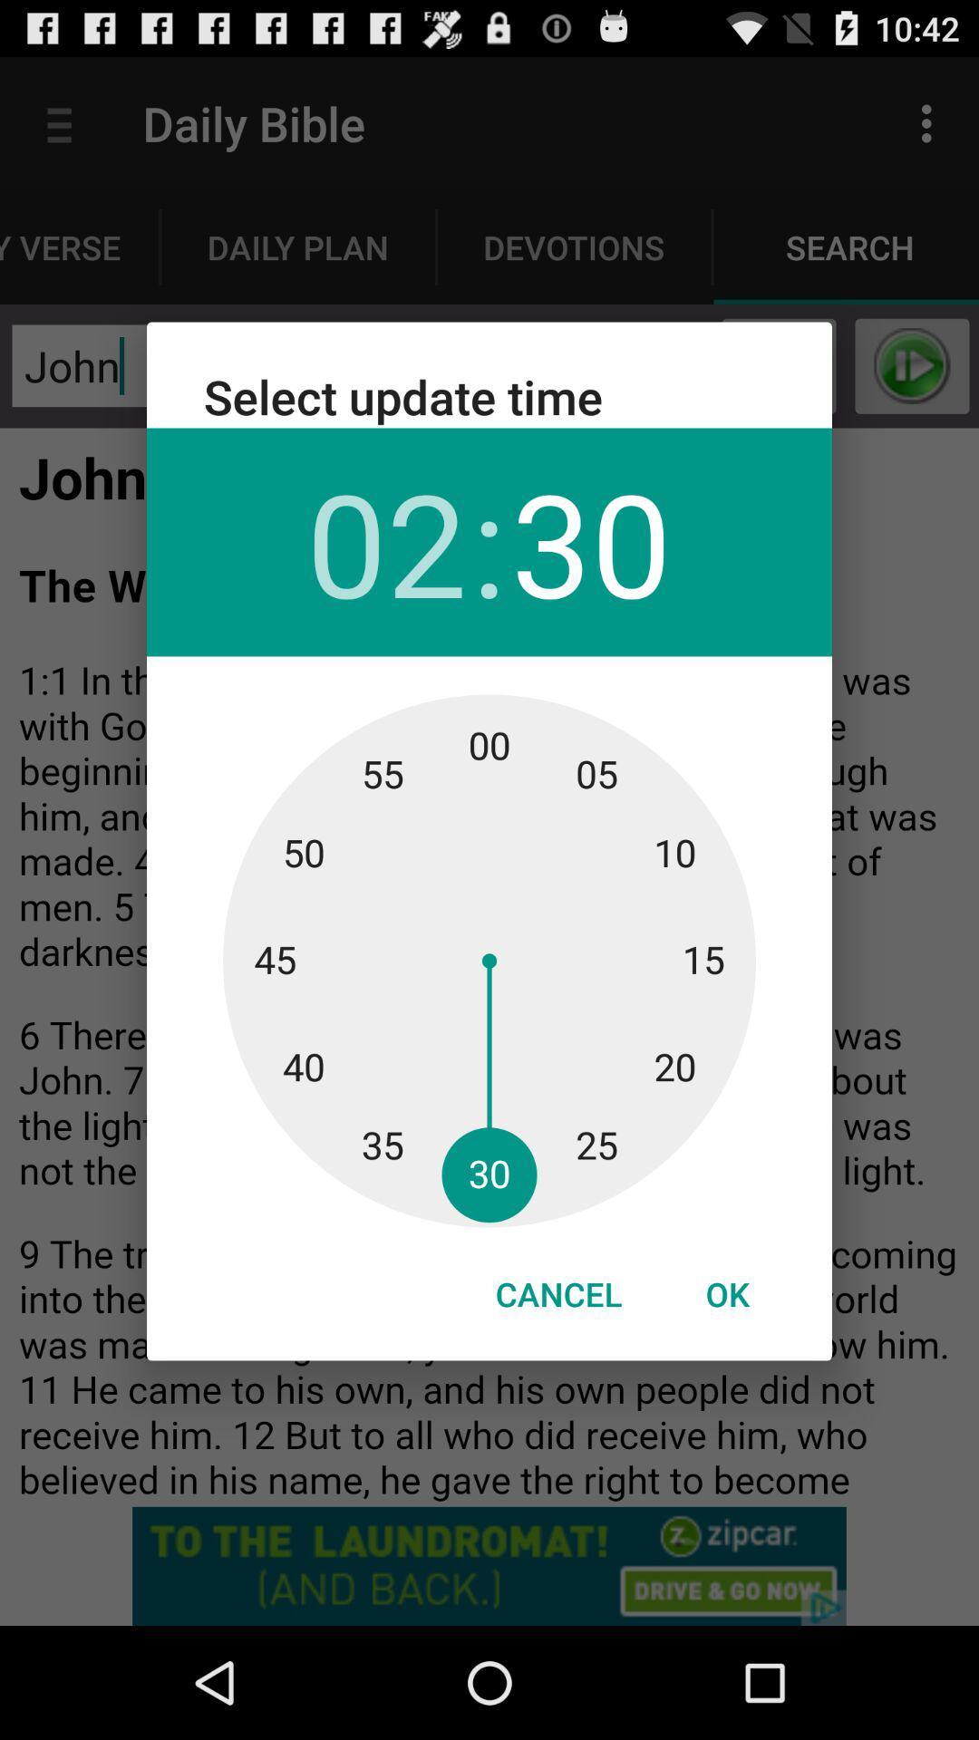  Describe the element at coordinates (591, 541) in the screenshot. I see `the item next to the : icon` at that location.